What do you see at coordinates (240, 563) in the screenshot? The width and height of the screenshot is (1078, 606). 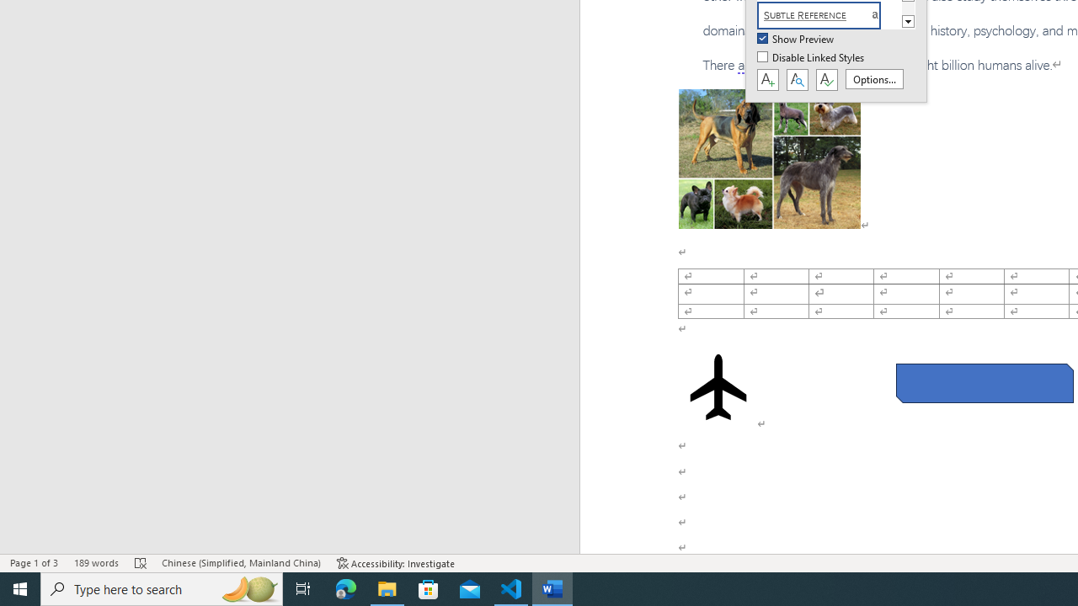 I see `'Language Chinese (Simplified, Mainland China)'` at bounding box center [240, 563].